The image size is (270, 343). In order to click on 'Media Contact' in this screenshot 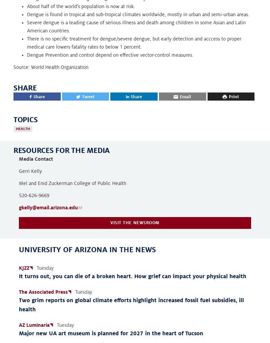, I will do `click(35, 159)`.